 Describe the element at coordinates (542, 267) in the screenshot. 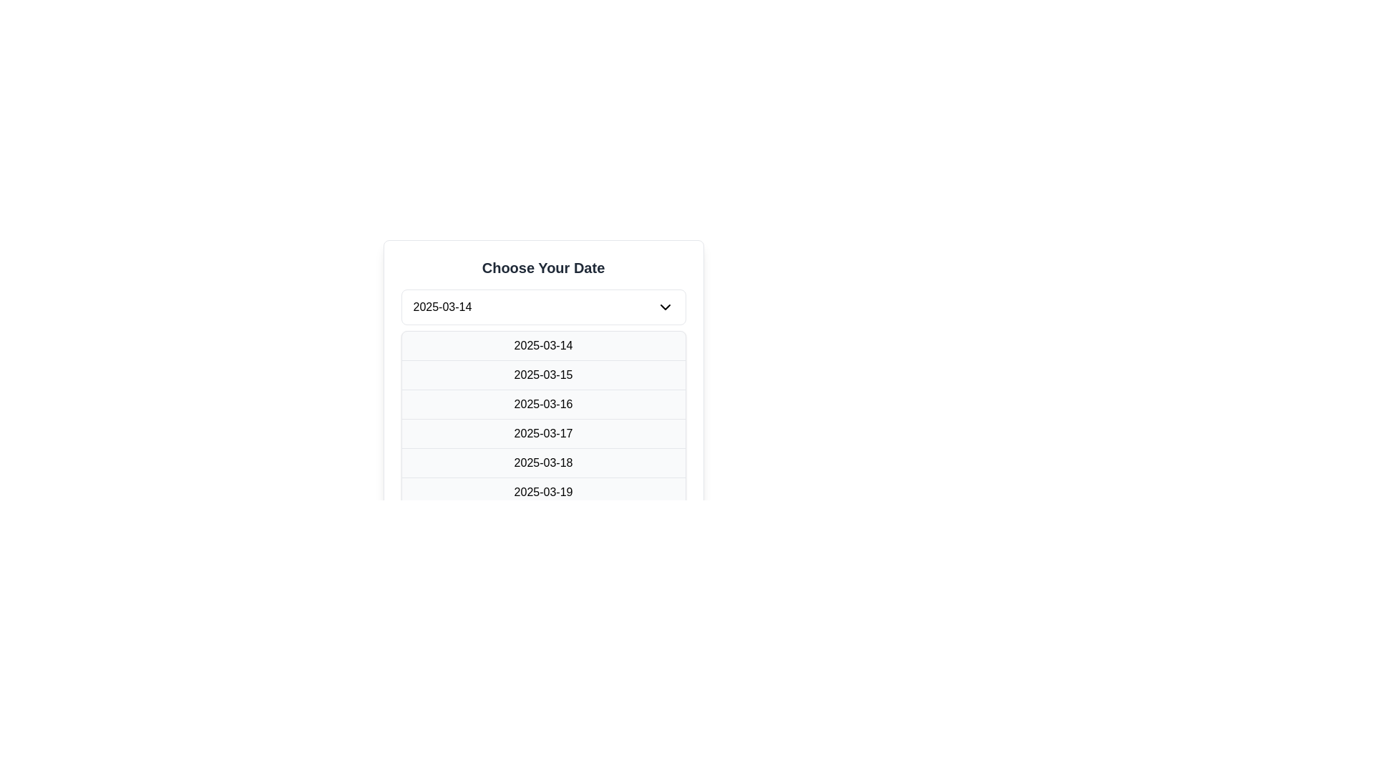

I see `the static text label or heading at the top of the card-like layout that provides context for the date selection content` at that location.